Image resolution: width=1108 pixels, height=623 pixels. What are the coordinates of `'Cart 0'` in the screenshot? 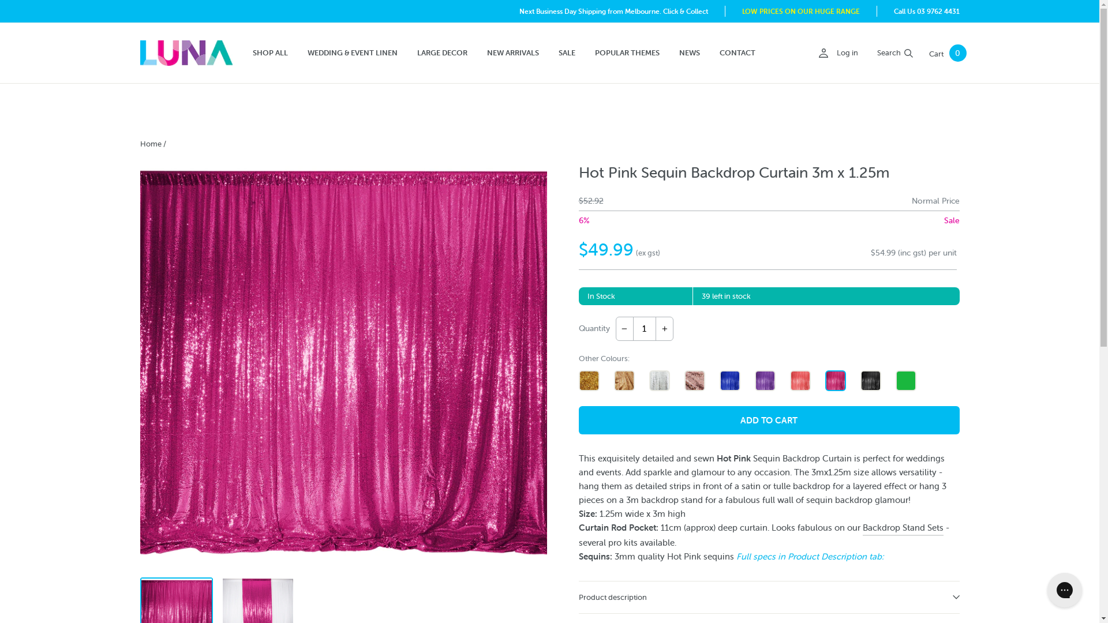 It's located at (948, 53).